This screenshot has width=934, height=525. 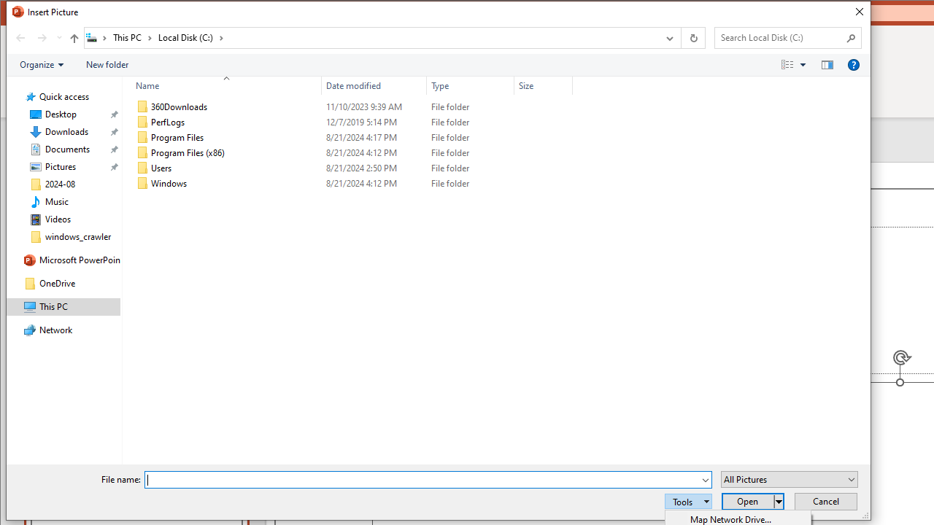 What do you see at coordinates (58, 36) in the screenshot?
I see `'Recent locations'` at bounding box center [58, 36].